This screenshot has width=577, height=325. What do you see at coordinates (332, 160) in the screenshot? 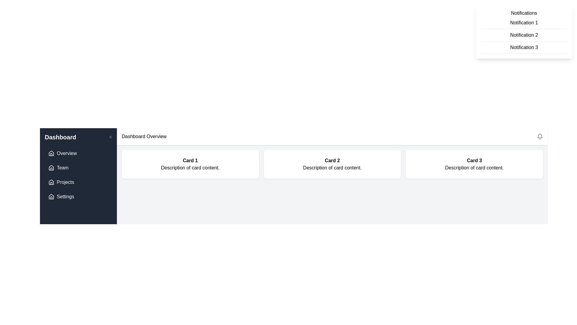
I see `the bold text label 'Card 2' located at the top-center of the second card in a horizontal array of cards, which is larger and darker than adjacent texts` at bounding box center [332, 160].